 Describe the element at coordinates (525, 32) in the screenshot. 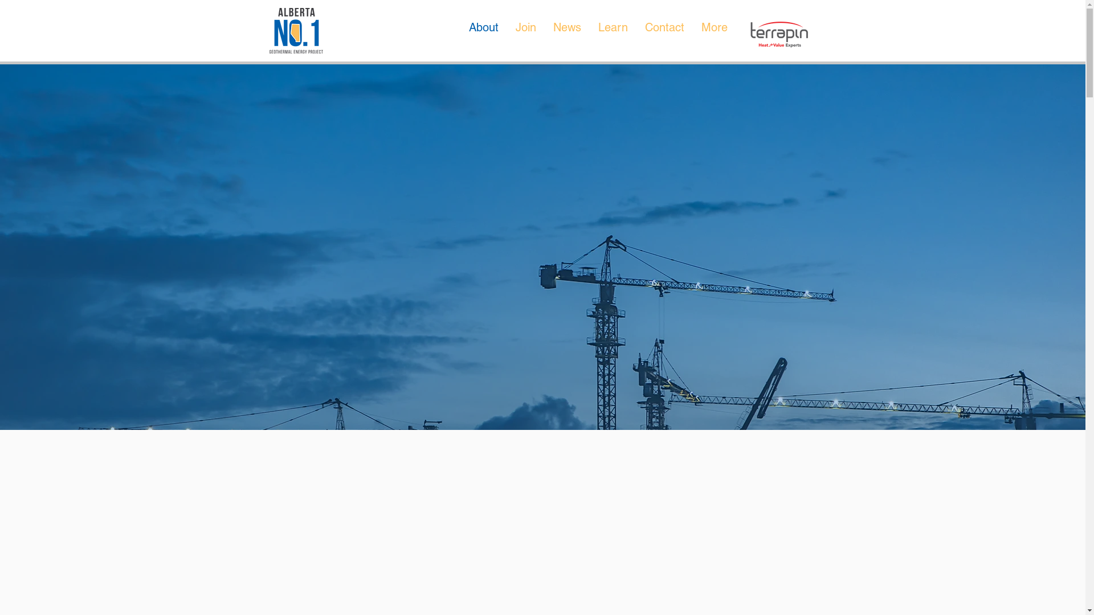

I see `'Join'` at that location.